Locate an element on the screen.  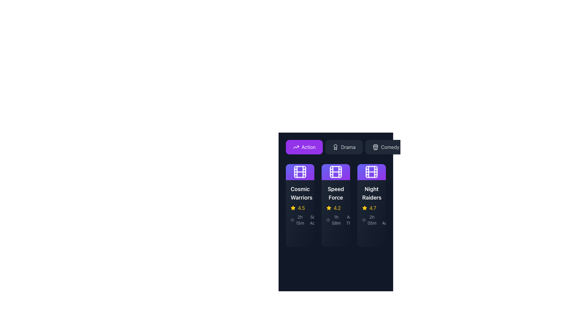
the 'Comedy' category label located in the upper-right section of the interface is located at coordinates (390, 147).